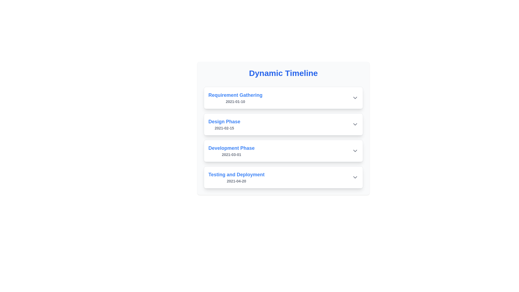 This screenshot has width=519, height=292. I want to click on text component displaying 'Testing and Deployment' styled in blue, located in a vertical list below 'Development Phase / 2021-03-01' and above a downward-pointing chevron icon, so click(236, 177).